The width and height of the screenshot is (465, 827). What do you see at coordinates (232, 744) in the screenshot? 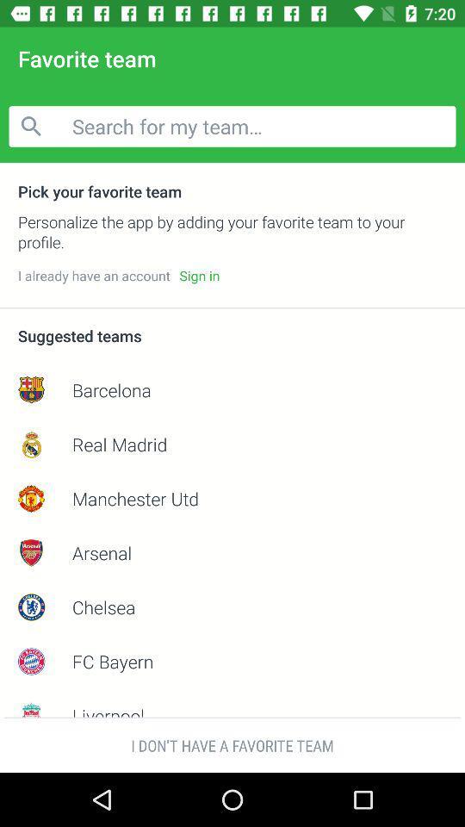
I see `i don t` at bounding box center [232, 744].